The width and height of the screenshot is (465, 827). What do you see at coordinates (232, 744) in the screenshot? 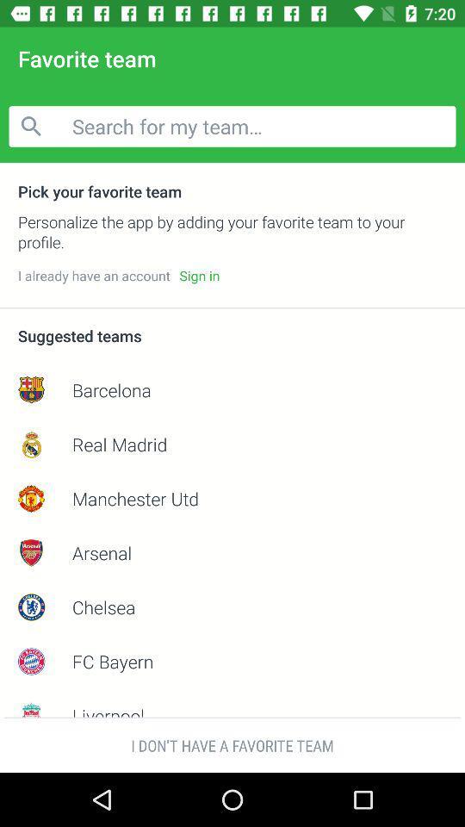
I see `i don t` at bounding box center [232, 744].